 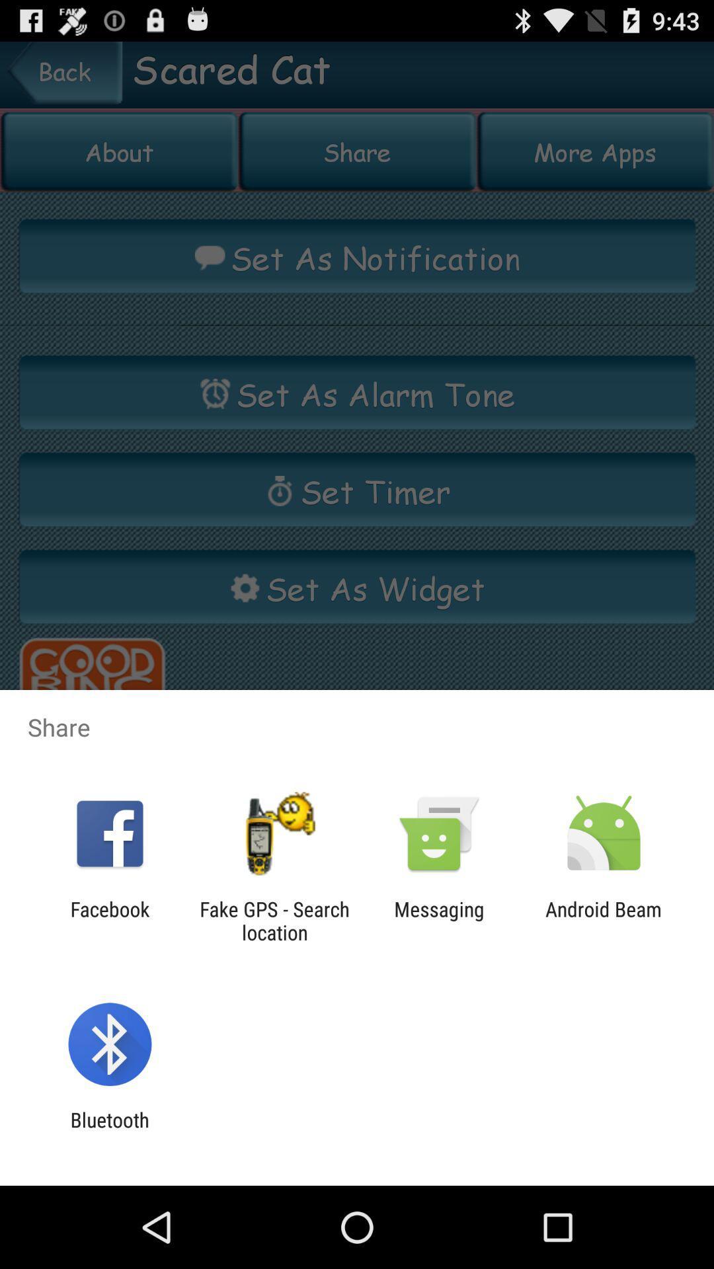 I want to click on the messaging app, so click(x=439, y=920).